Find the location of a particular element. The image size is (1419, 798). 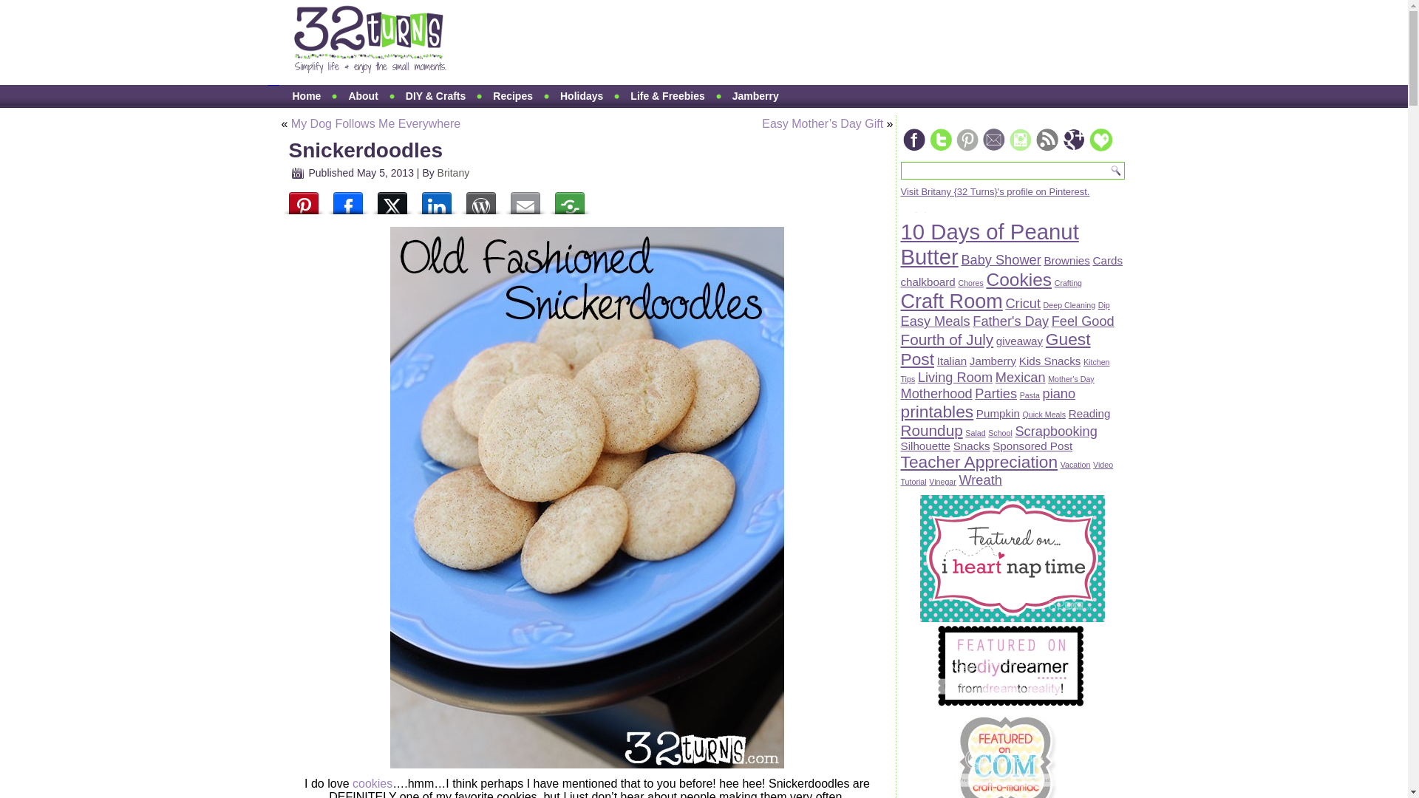

'Brownies' is located at coordinates (1042, 259).